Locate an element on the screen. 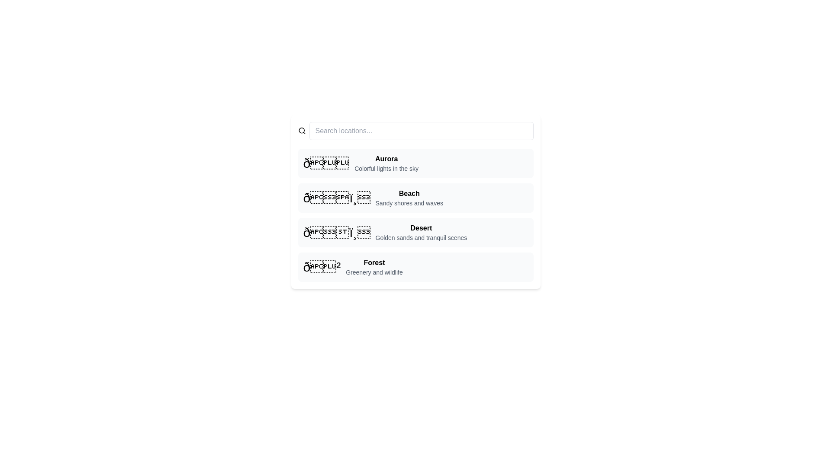 Image resolution: width=831 pixels, height=467 pixels. the circular SVG graphic representation of a search icon located inside the search bar at the top of the interface is located at coordinates (302, 131).